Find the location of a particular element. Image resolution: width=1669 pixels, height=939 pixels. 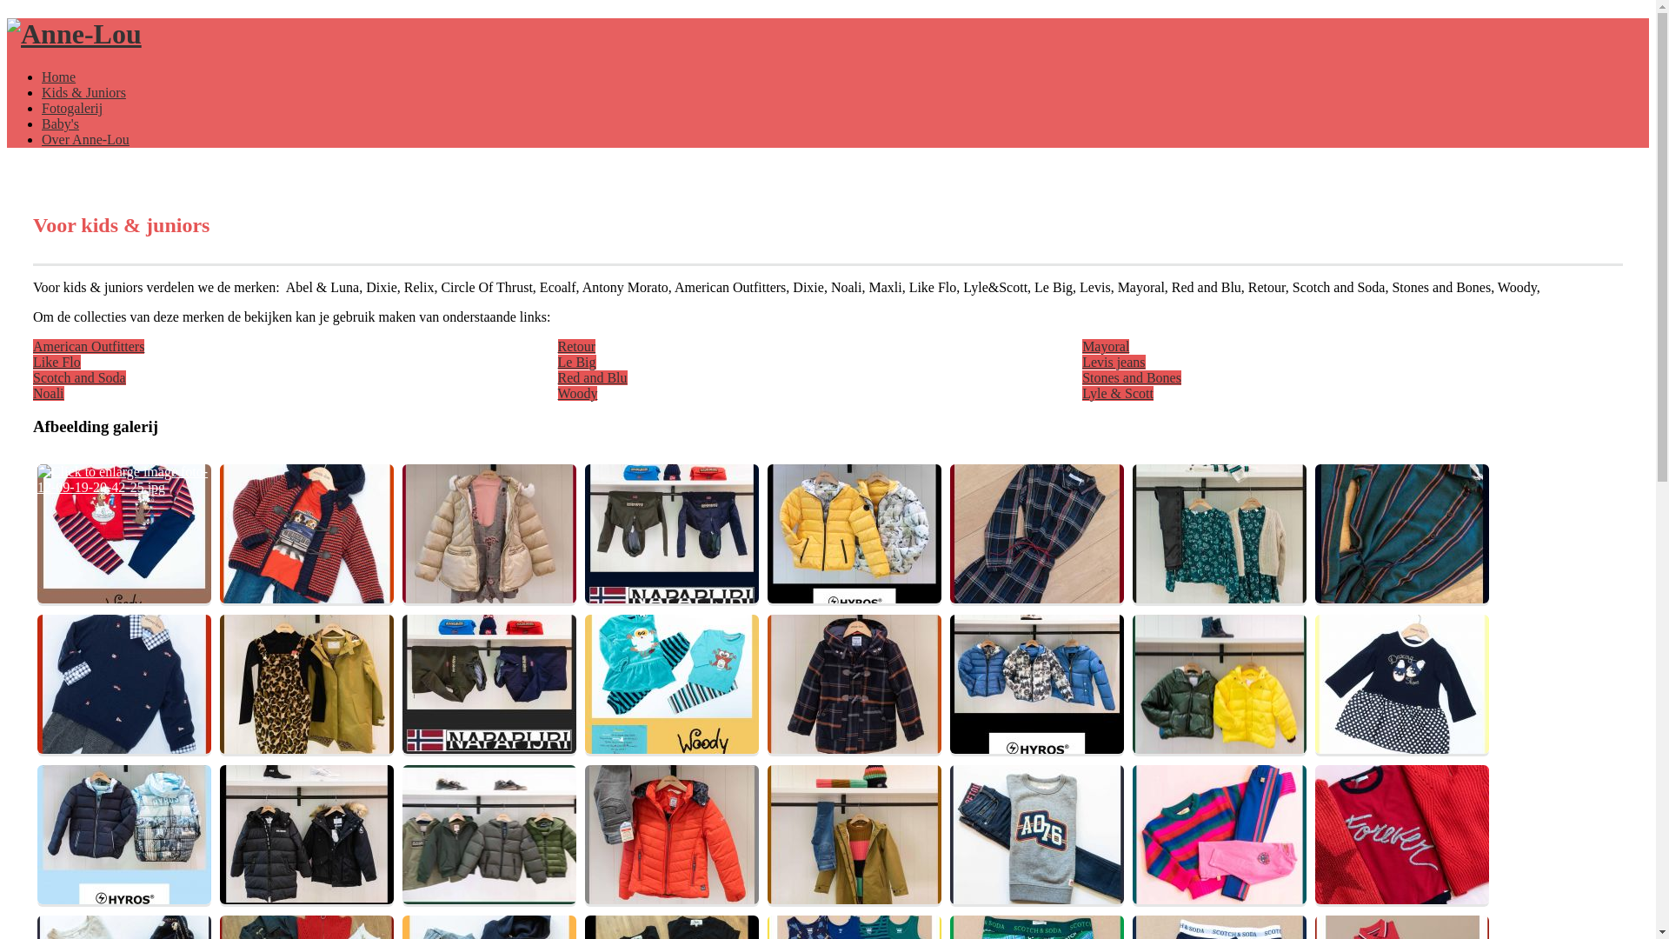

'Kids & Juniors' is located at coordinates (83, 92).